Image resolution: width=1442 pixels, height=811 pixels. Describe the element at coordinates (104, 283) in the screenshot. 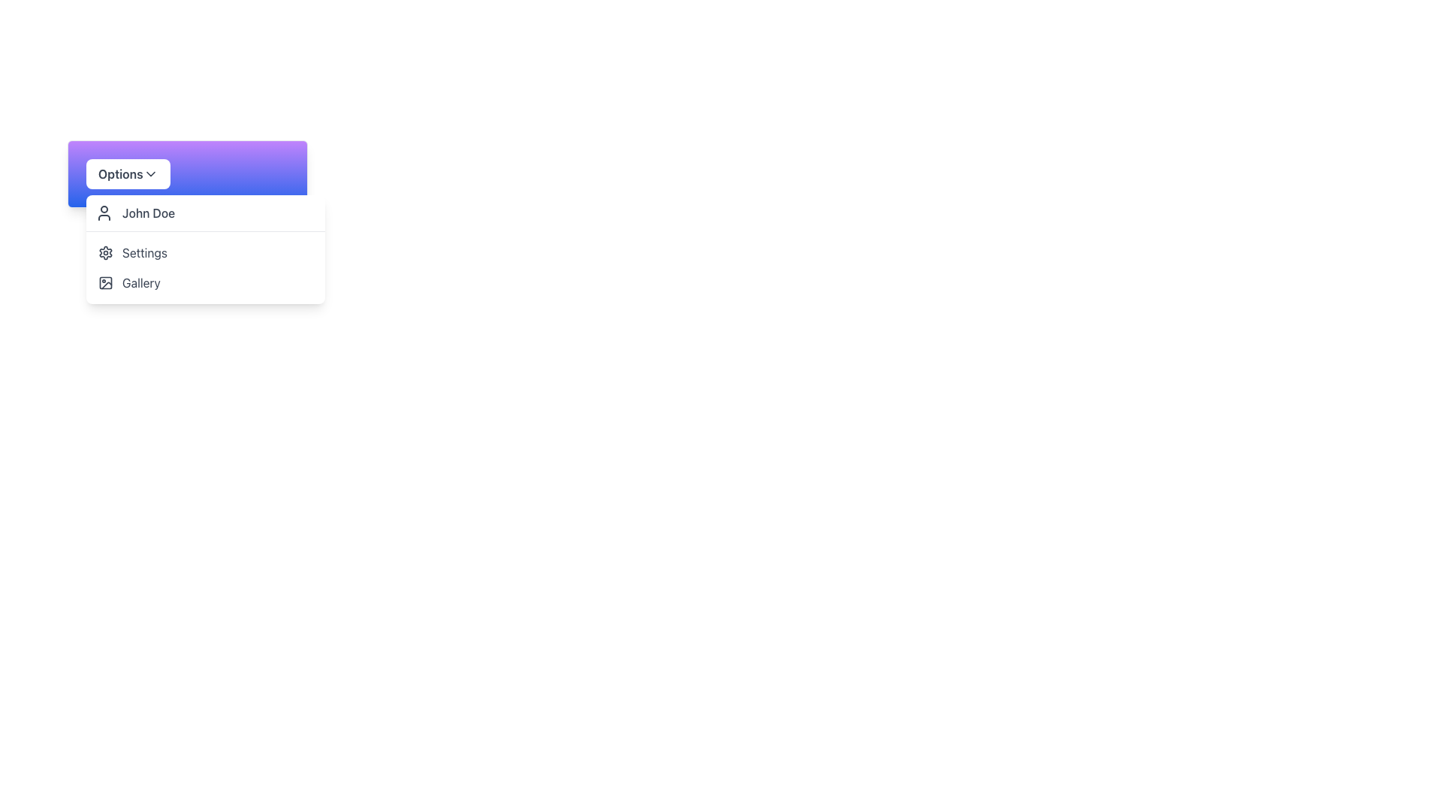

I see `the gallery icon located to the left of the 'Gallery' text in the dropdown menu to interact with the gallery option` at that location.